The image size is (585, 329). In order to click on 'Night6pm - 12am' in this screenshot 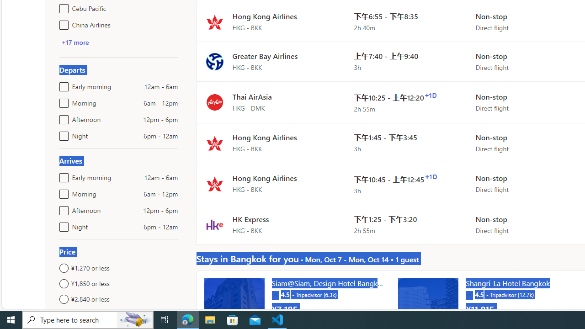, I will do `click(62, 225)`.